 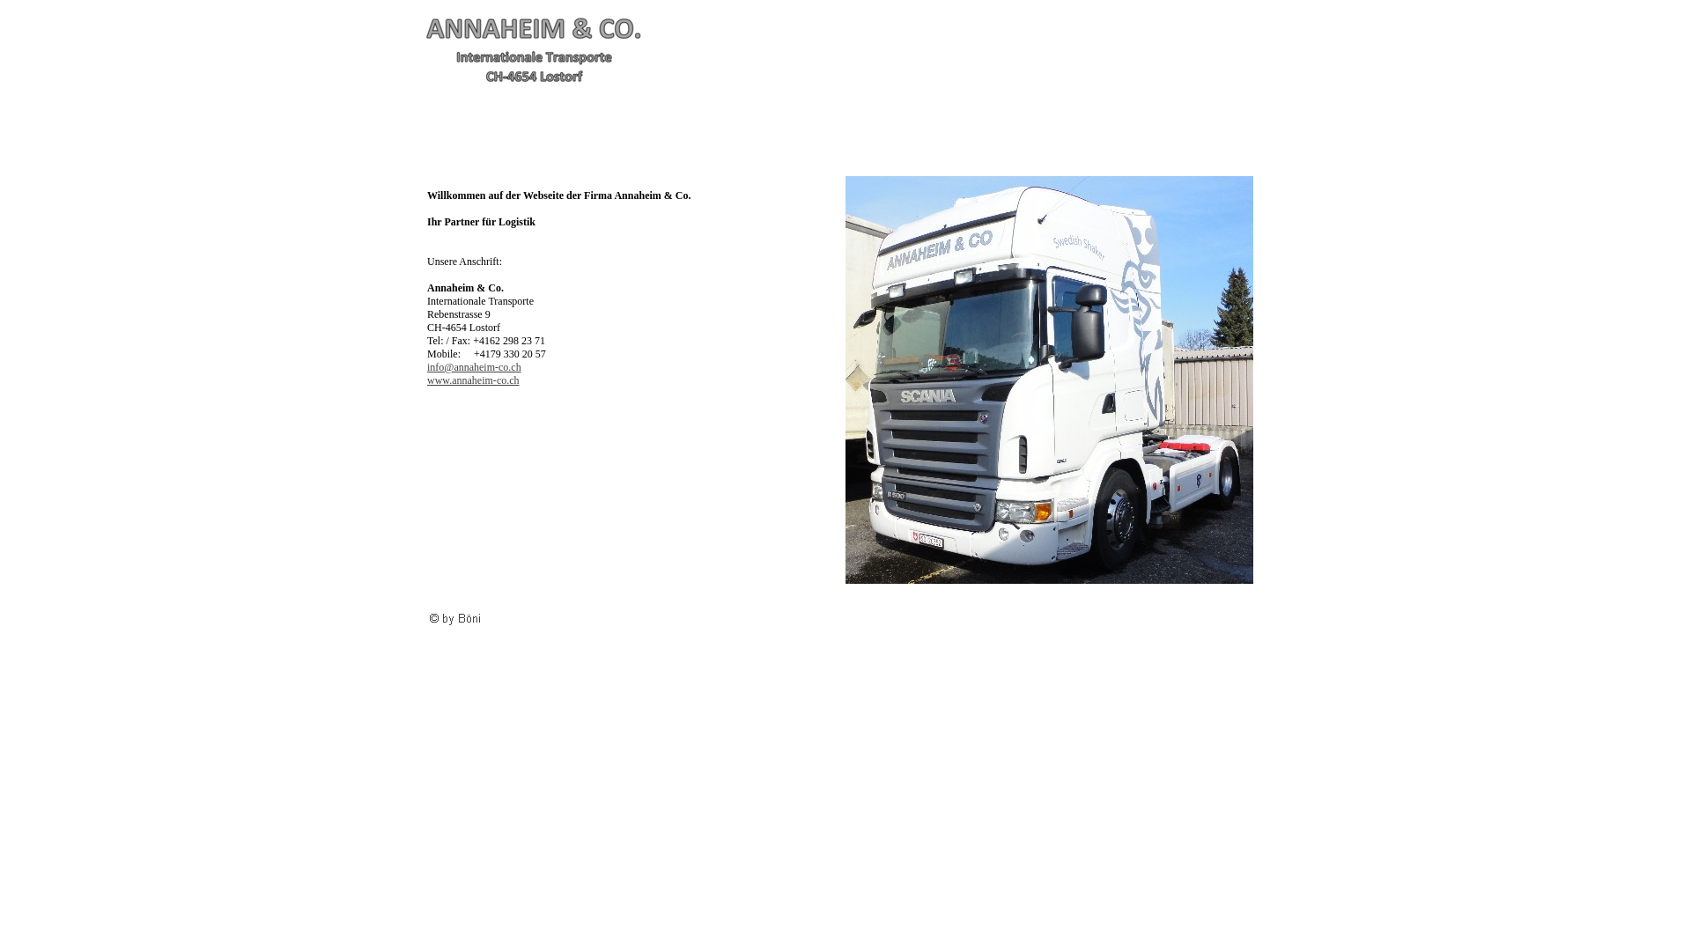 I want to click on 'info@annaheim-co.ch', so click(x=474, y=365).